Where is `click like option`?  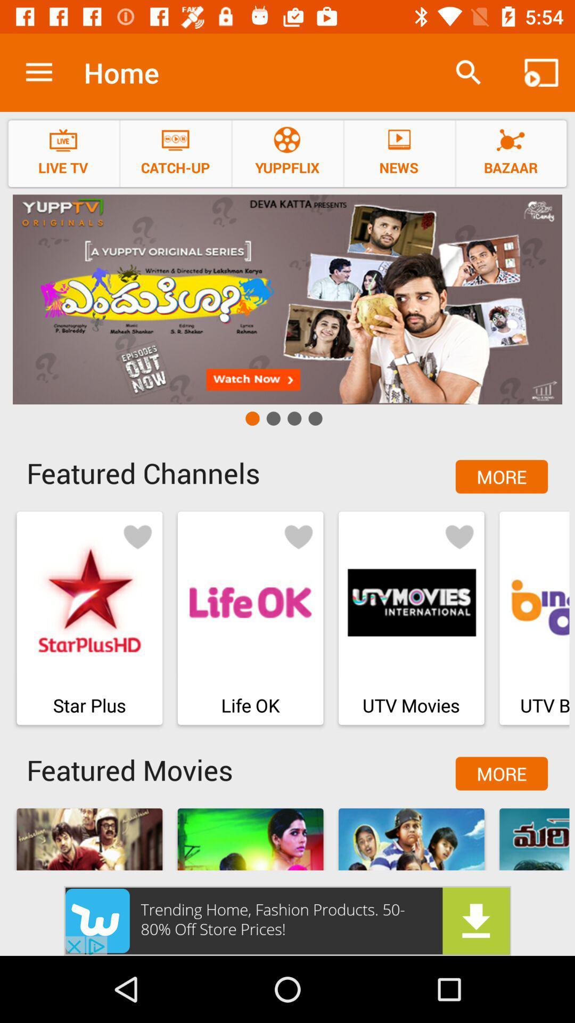
click like option is located at coordinates (459, 536).